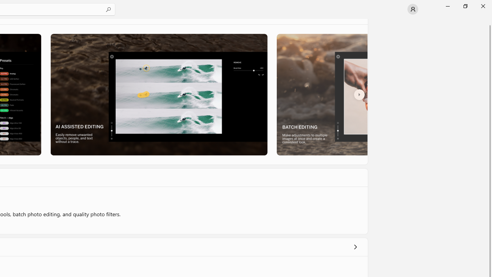 The image size is (492, 277). I want to click on 'Restore Microsoft Store', so click(465, 6).